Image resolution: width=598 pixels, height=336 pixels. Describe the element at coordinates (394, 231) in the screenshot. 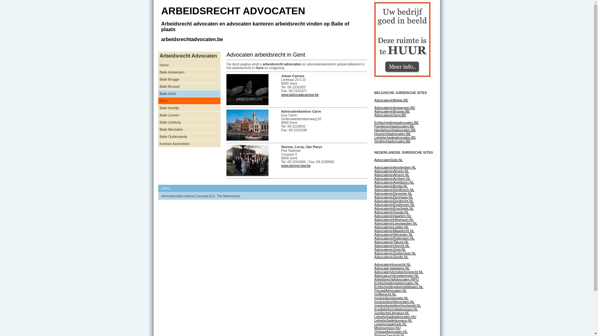

I see `'AdvocateninMaastricht.NL'` at that location.